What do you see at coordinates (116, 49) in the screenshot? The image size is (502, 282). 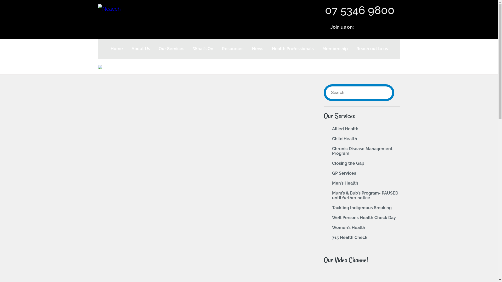 I see `'Home'` at bounding box center [116, 49].